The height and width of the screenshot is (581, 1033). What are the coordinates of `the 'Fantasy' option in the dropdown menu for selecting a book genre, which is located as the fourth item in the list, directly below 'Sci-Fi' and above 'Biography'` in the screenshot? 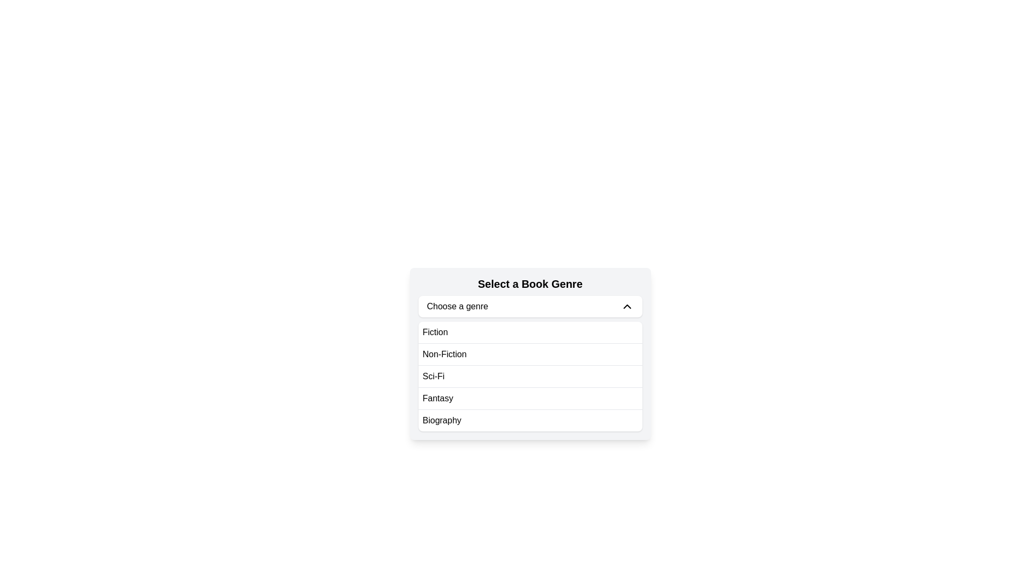 It's located at (437, 398).